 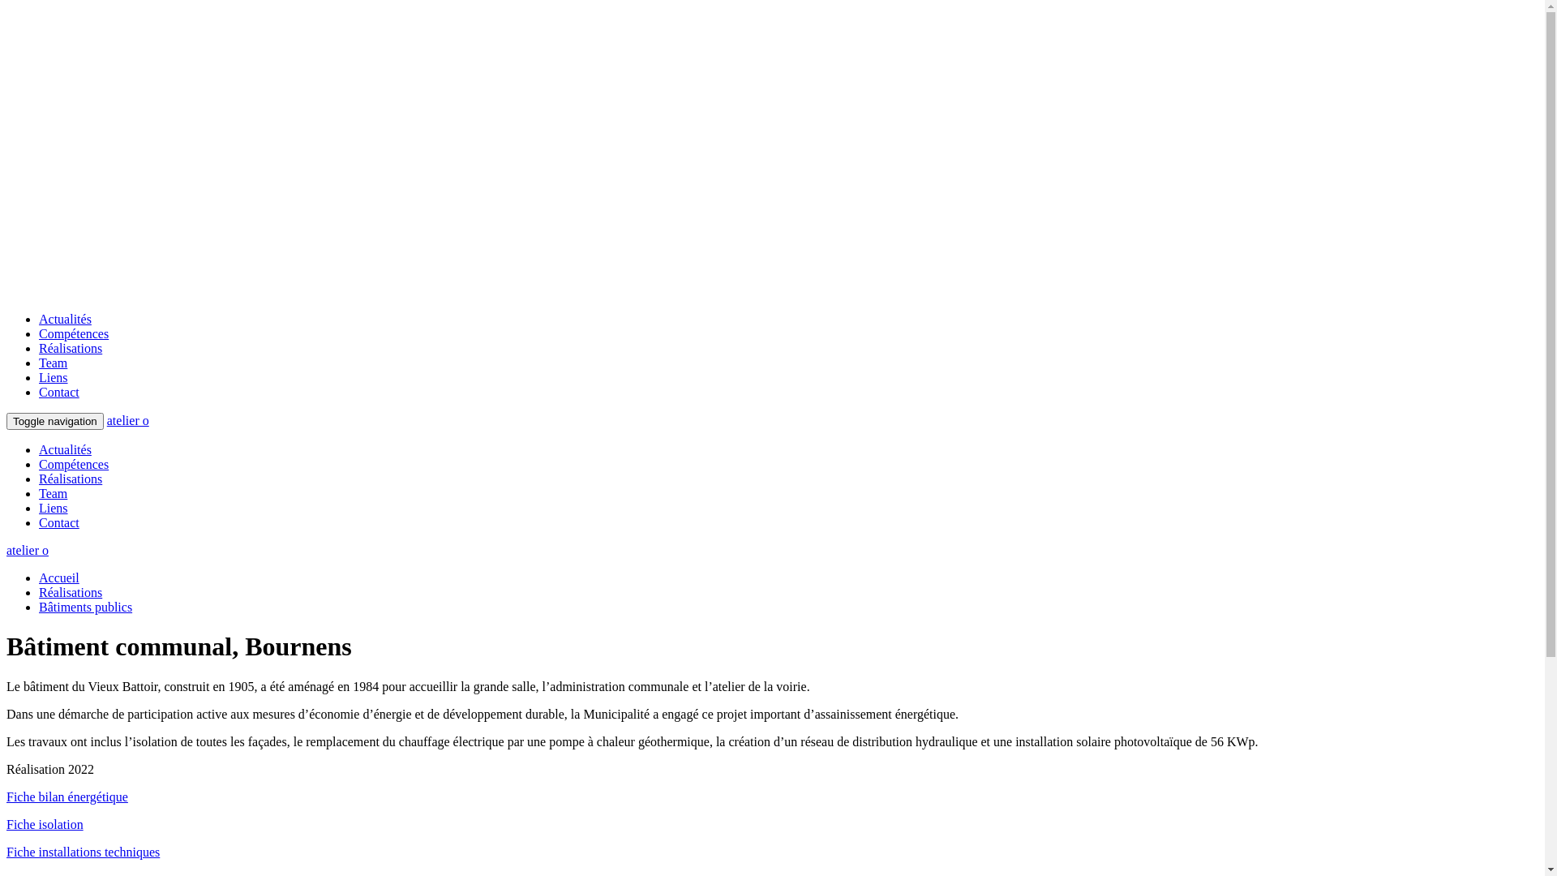 What do you see at coordinates (54, 420) in the screenshot?
I see `'Toggle navigation'` at bounding box center [54, 420].